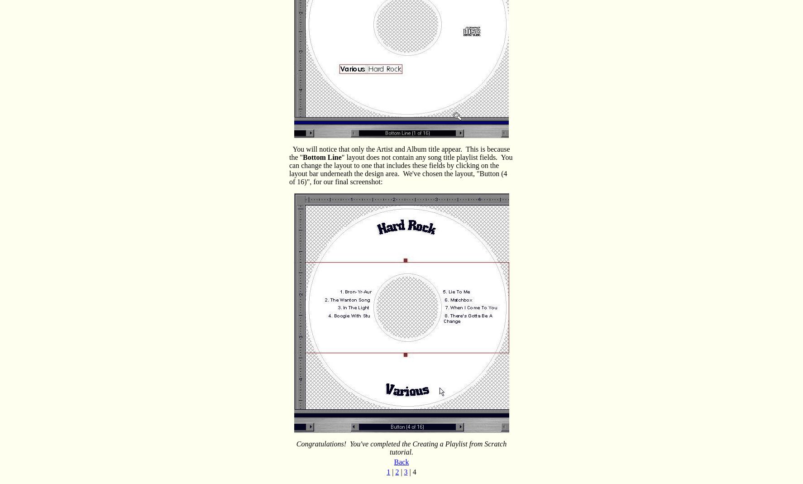 This screenshot has width=803, height=484. Describe the element at coordinates (401, 462) in the screenshot. I see `'Back'` at that location.